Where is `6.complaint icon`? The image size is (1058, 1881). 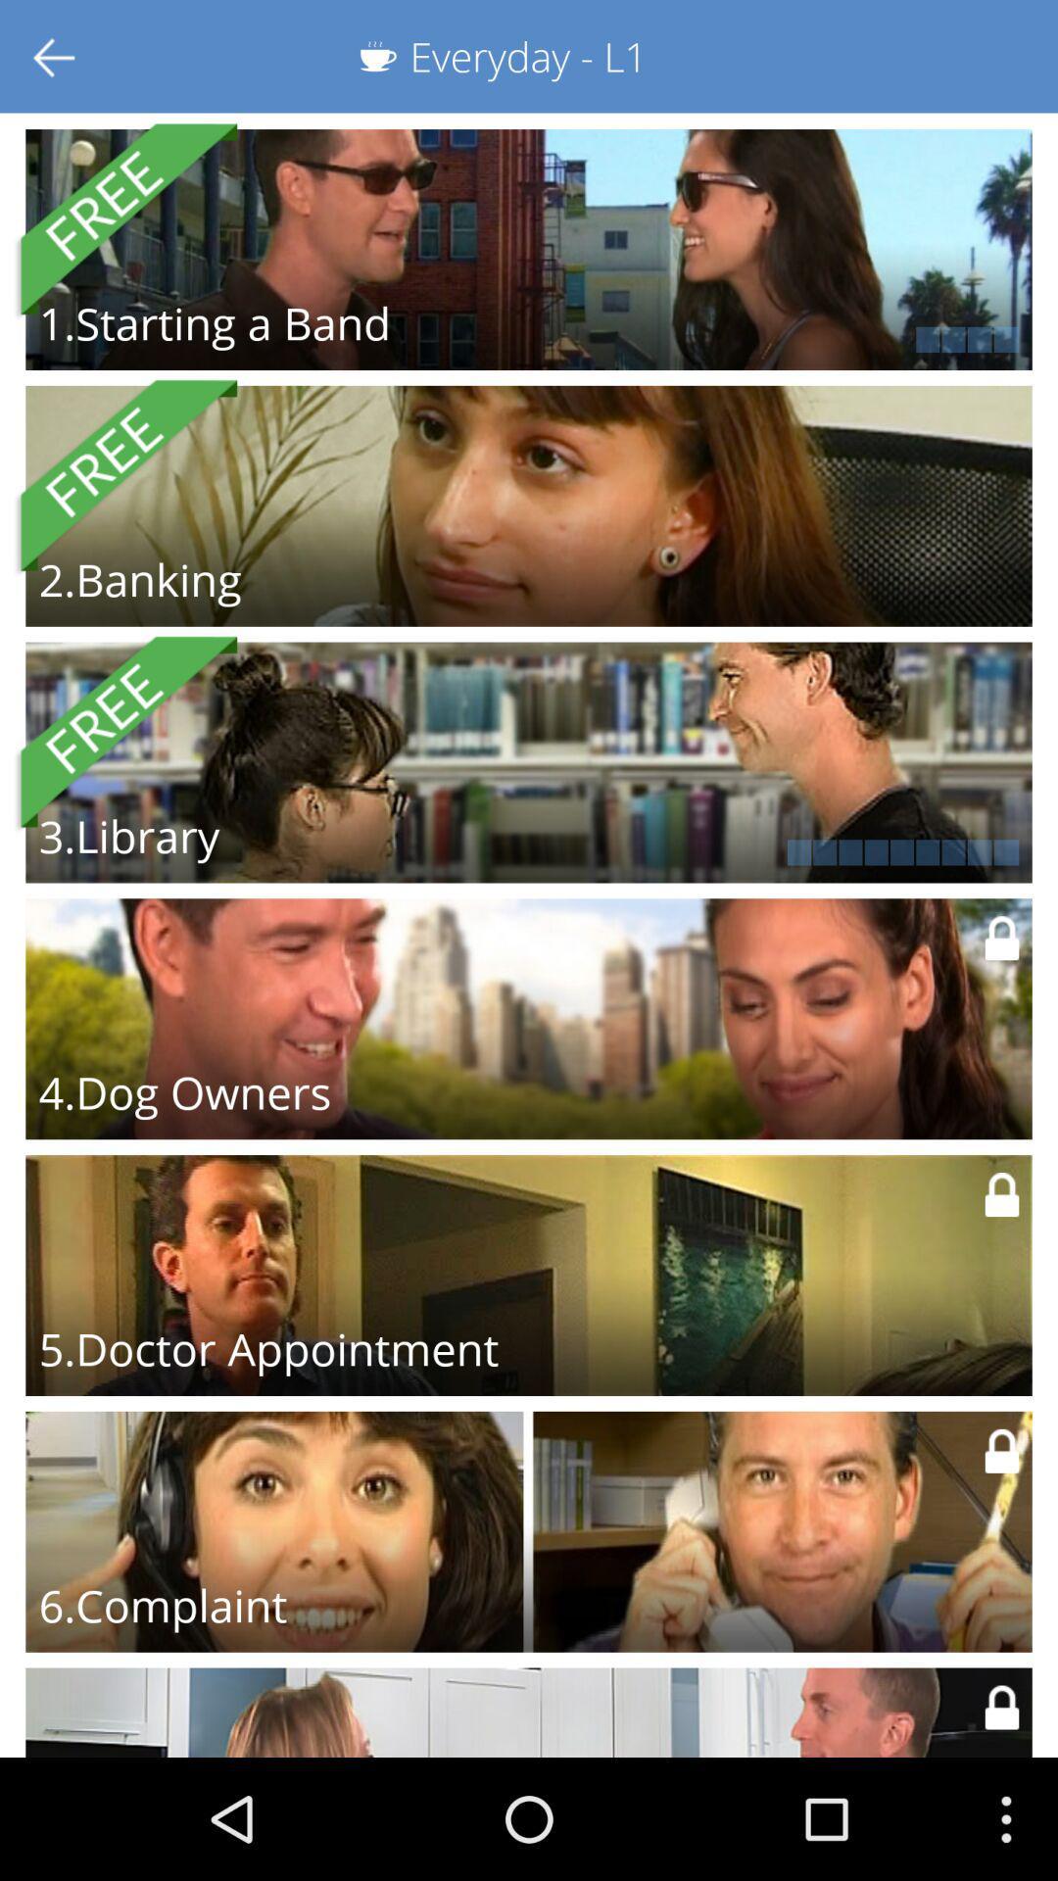
6.complaint icon is located at coordinates (162, 1605).